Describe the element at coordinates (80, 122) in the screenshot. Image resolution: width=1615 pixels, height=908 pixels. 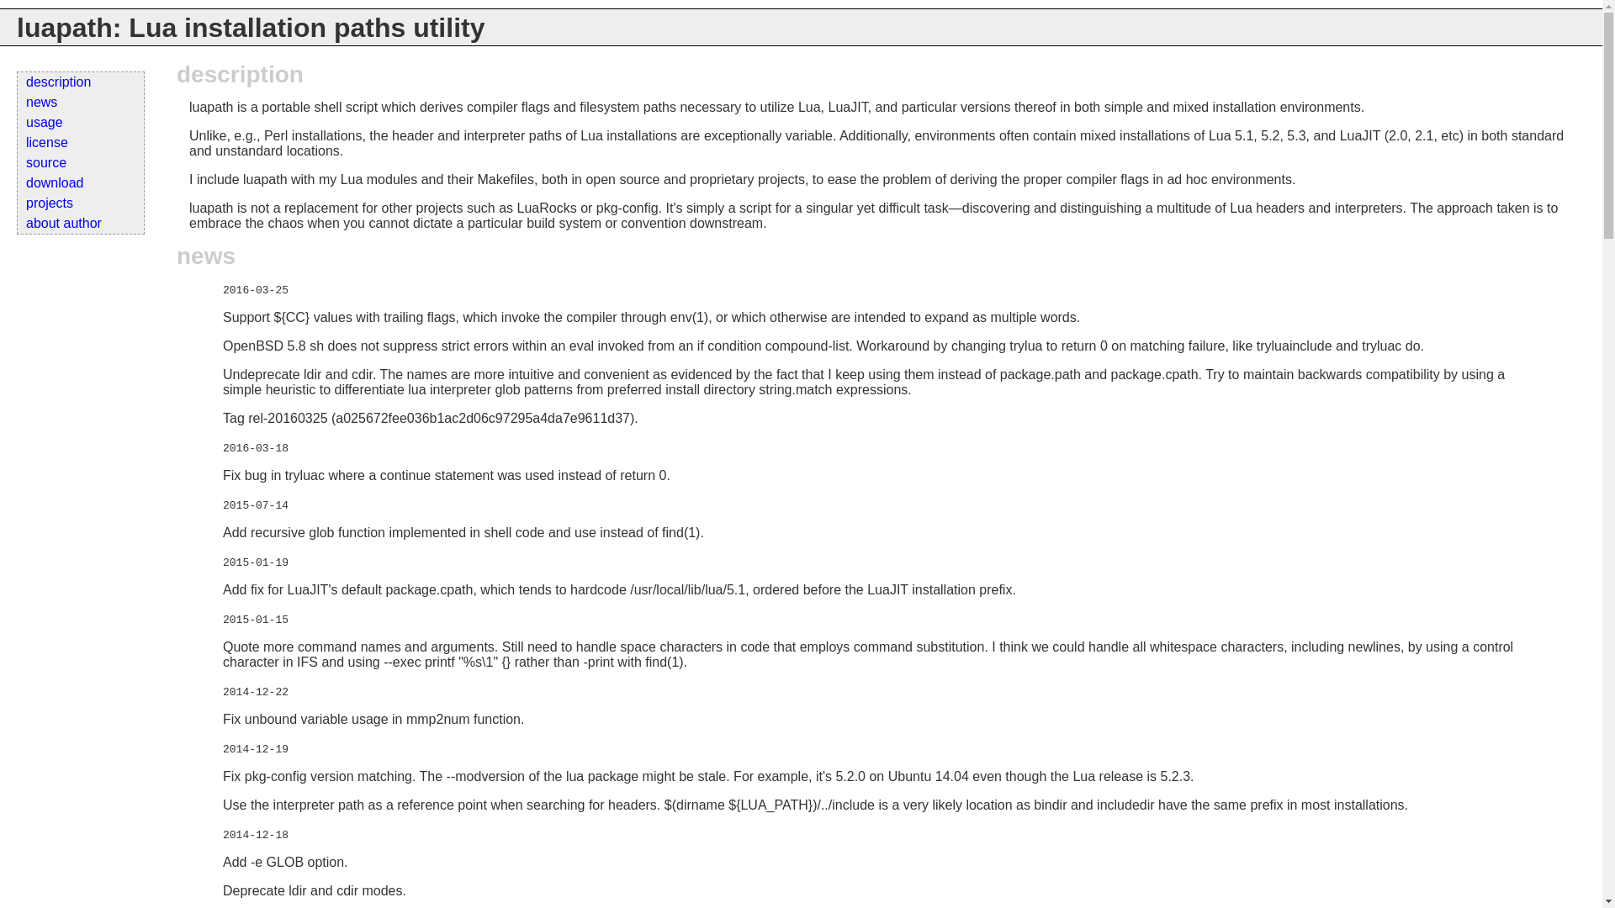
I see `'usage'` at that location.